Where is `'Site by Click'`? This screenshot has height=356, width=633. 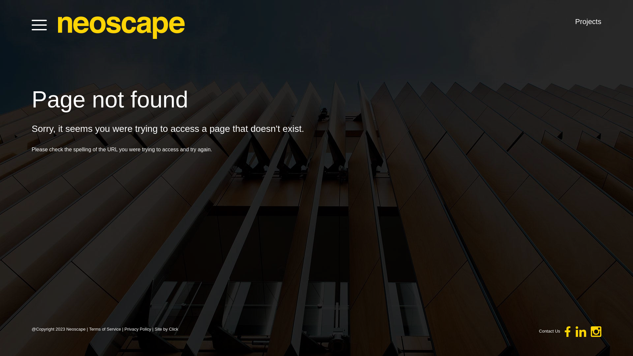 'Site by Click' is located at coordinates (166, 329).